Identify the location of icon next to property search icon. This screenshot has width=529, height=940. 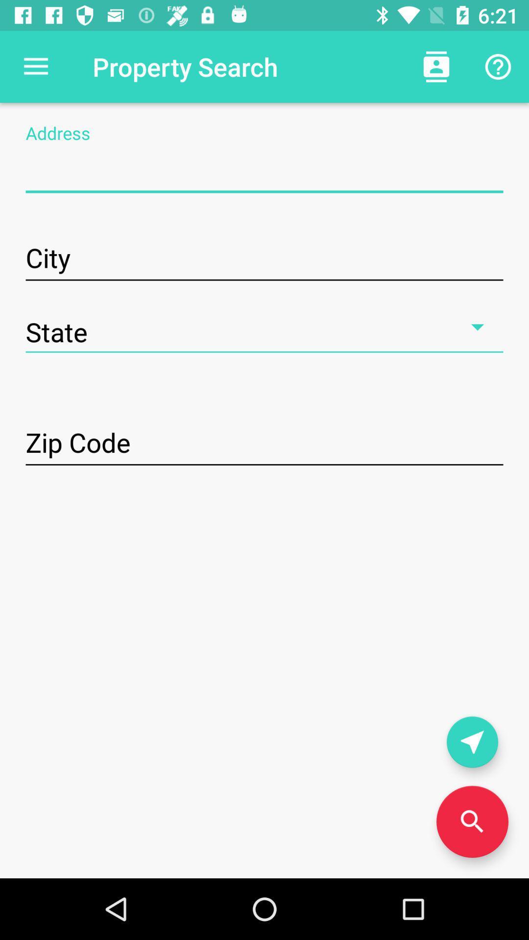
(35, 66).